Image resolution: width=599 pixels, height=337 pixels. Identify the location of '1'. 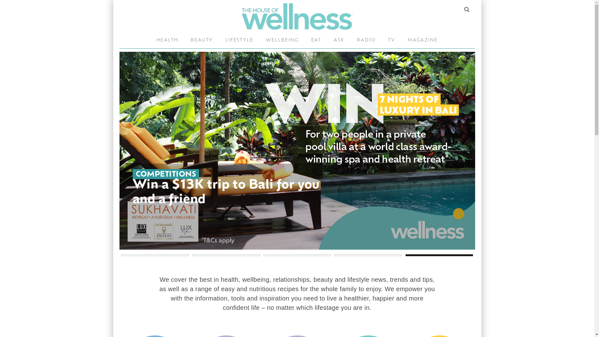
(155, 255).